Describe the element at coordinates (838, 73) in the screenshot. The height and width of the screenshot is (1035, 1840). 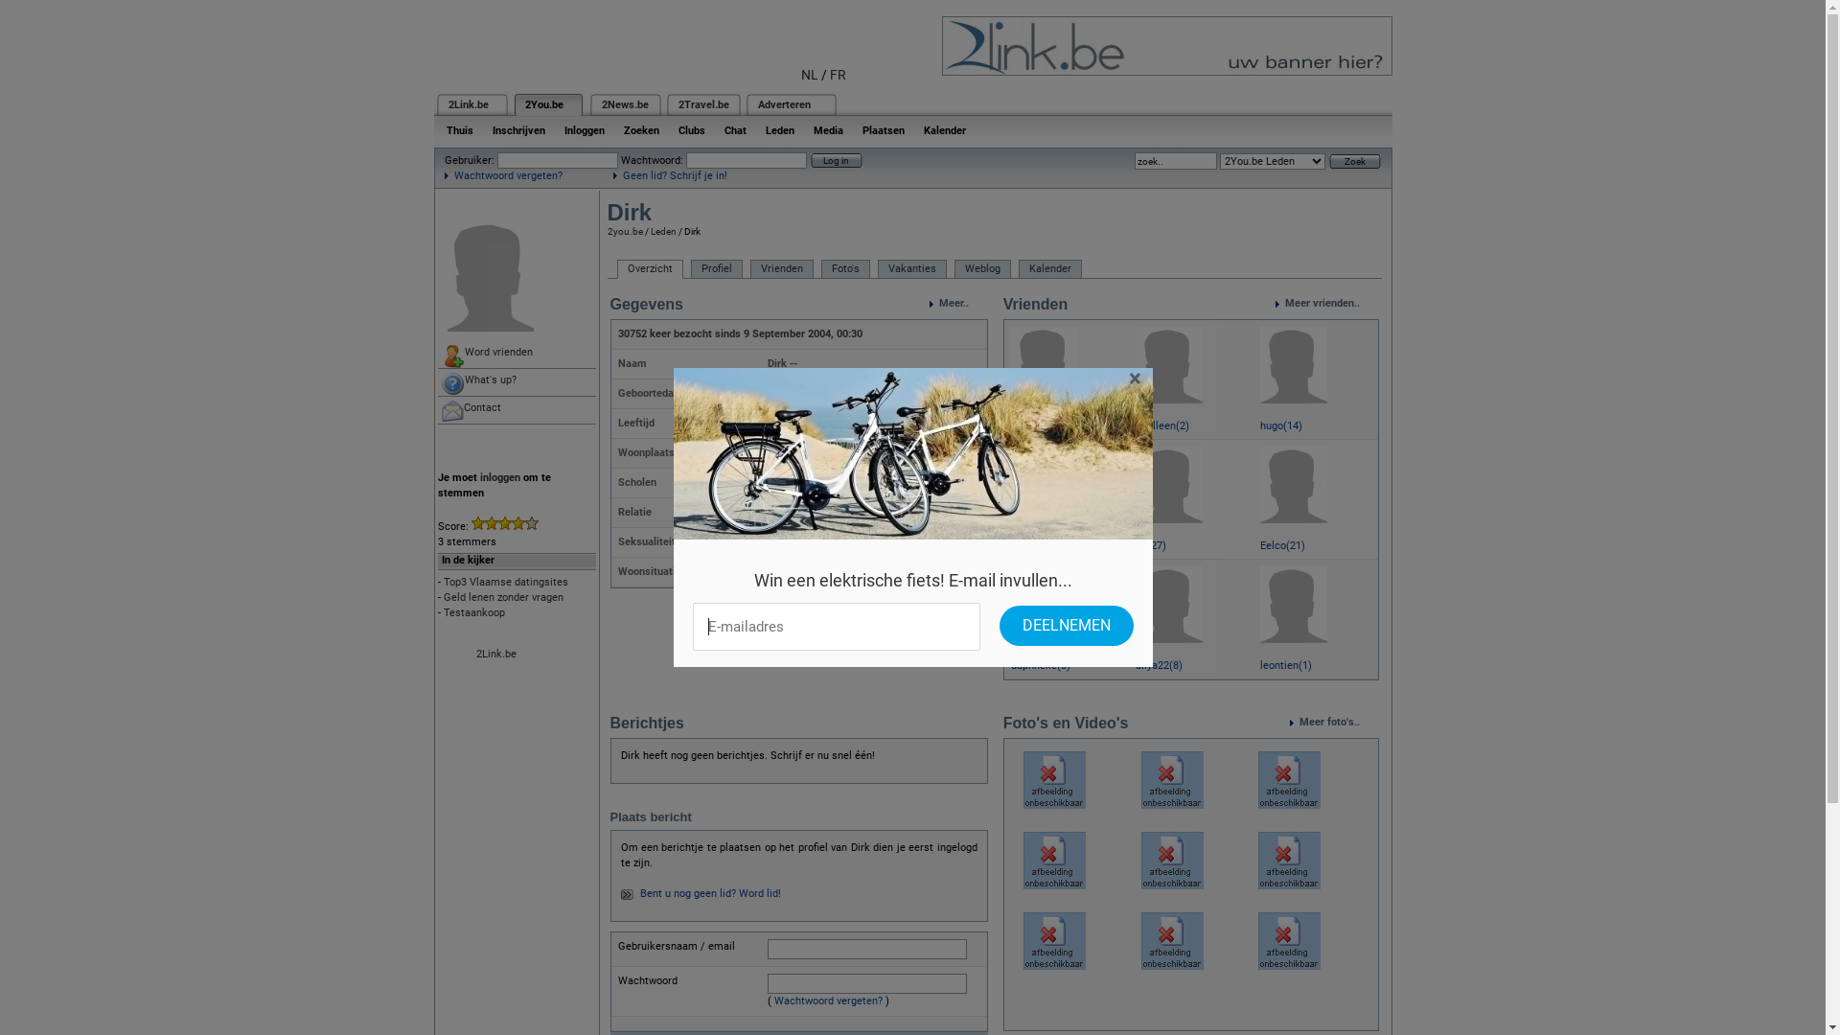
I see `'FR'` at that location.